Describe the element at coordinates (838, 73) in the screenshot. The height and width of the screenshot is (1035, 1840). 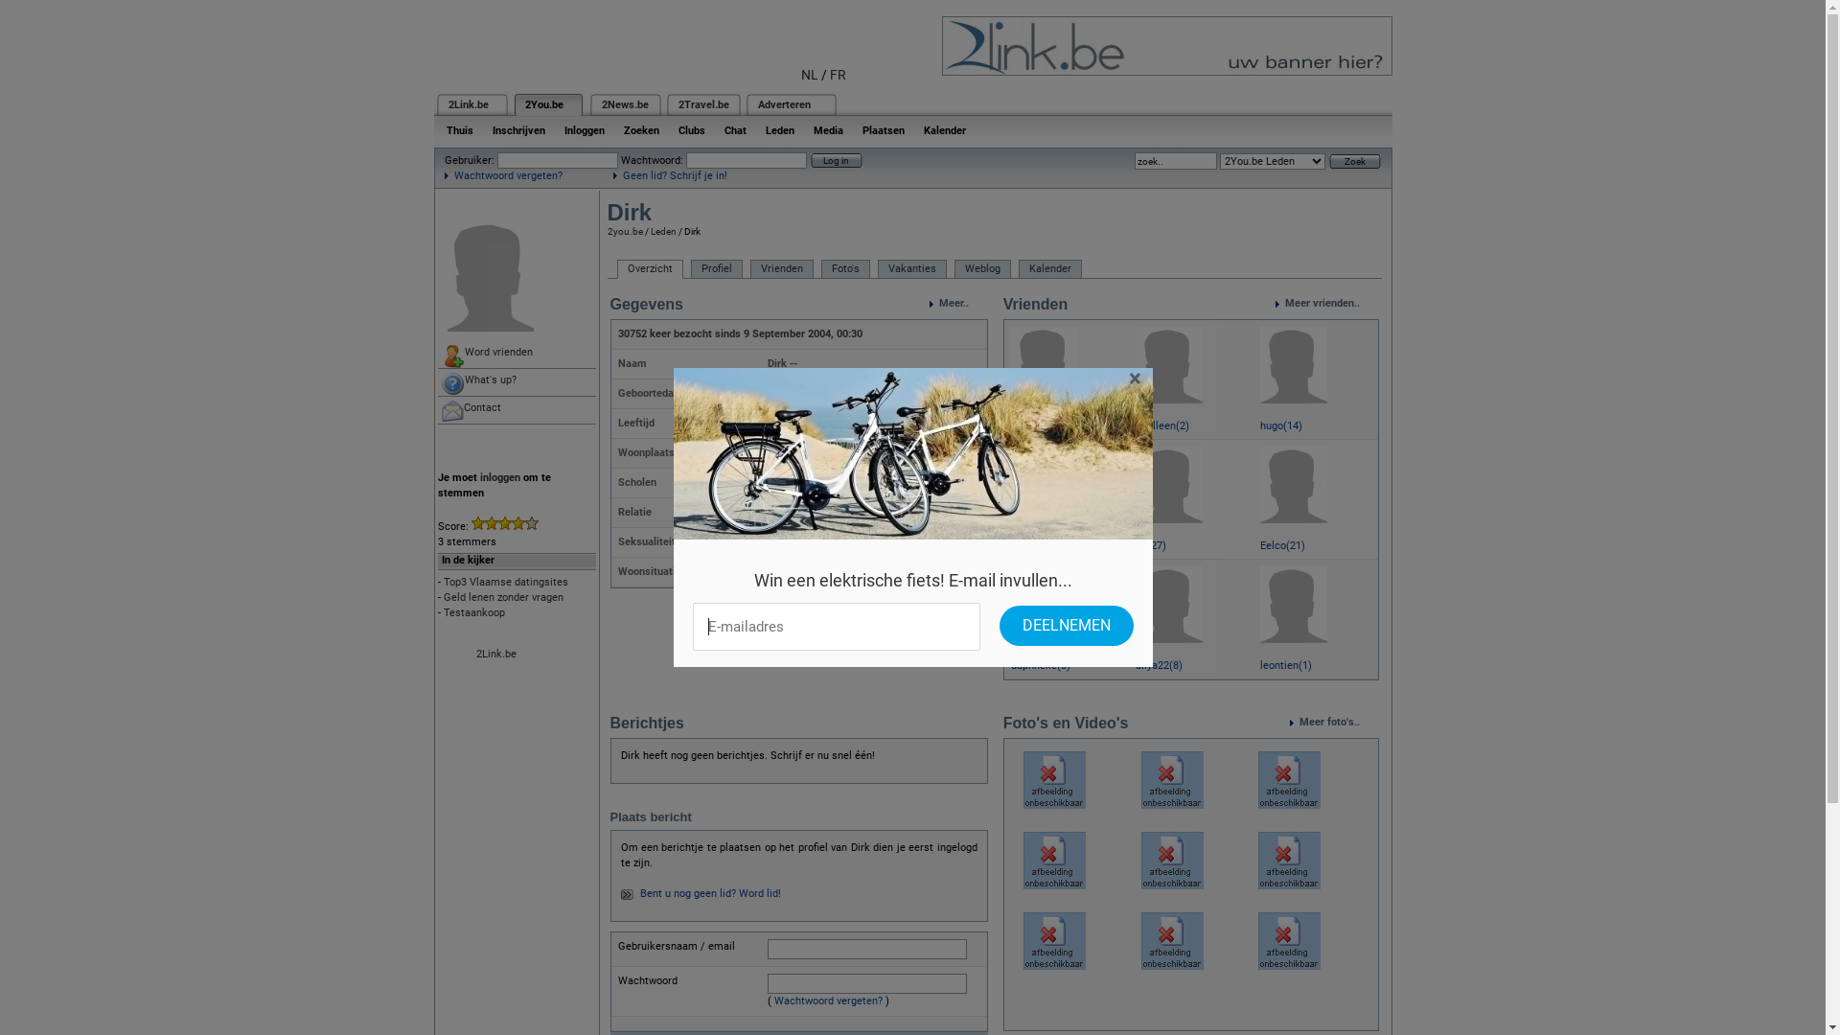
I see `'FR'` at that location.